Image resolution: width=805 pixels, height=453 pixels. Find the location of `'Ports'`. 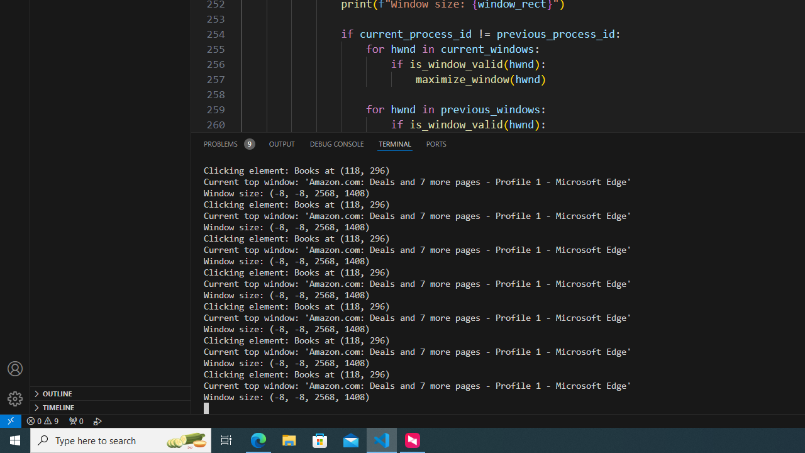

'Ports' is located at coordinates (436, 143).